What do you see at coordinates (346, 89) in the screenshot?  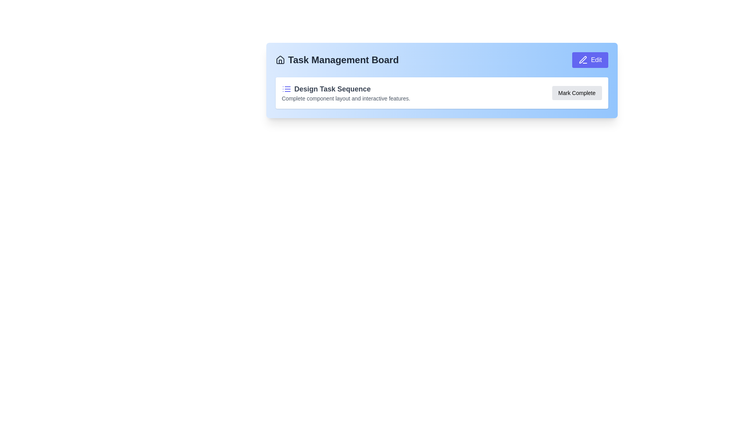 I see `the 'Design Task Sequence' text header with an indigo list icon, which is prominently displayed under the 'Task Management Board' section` at bounding box center [346, 89].